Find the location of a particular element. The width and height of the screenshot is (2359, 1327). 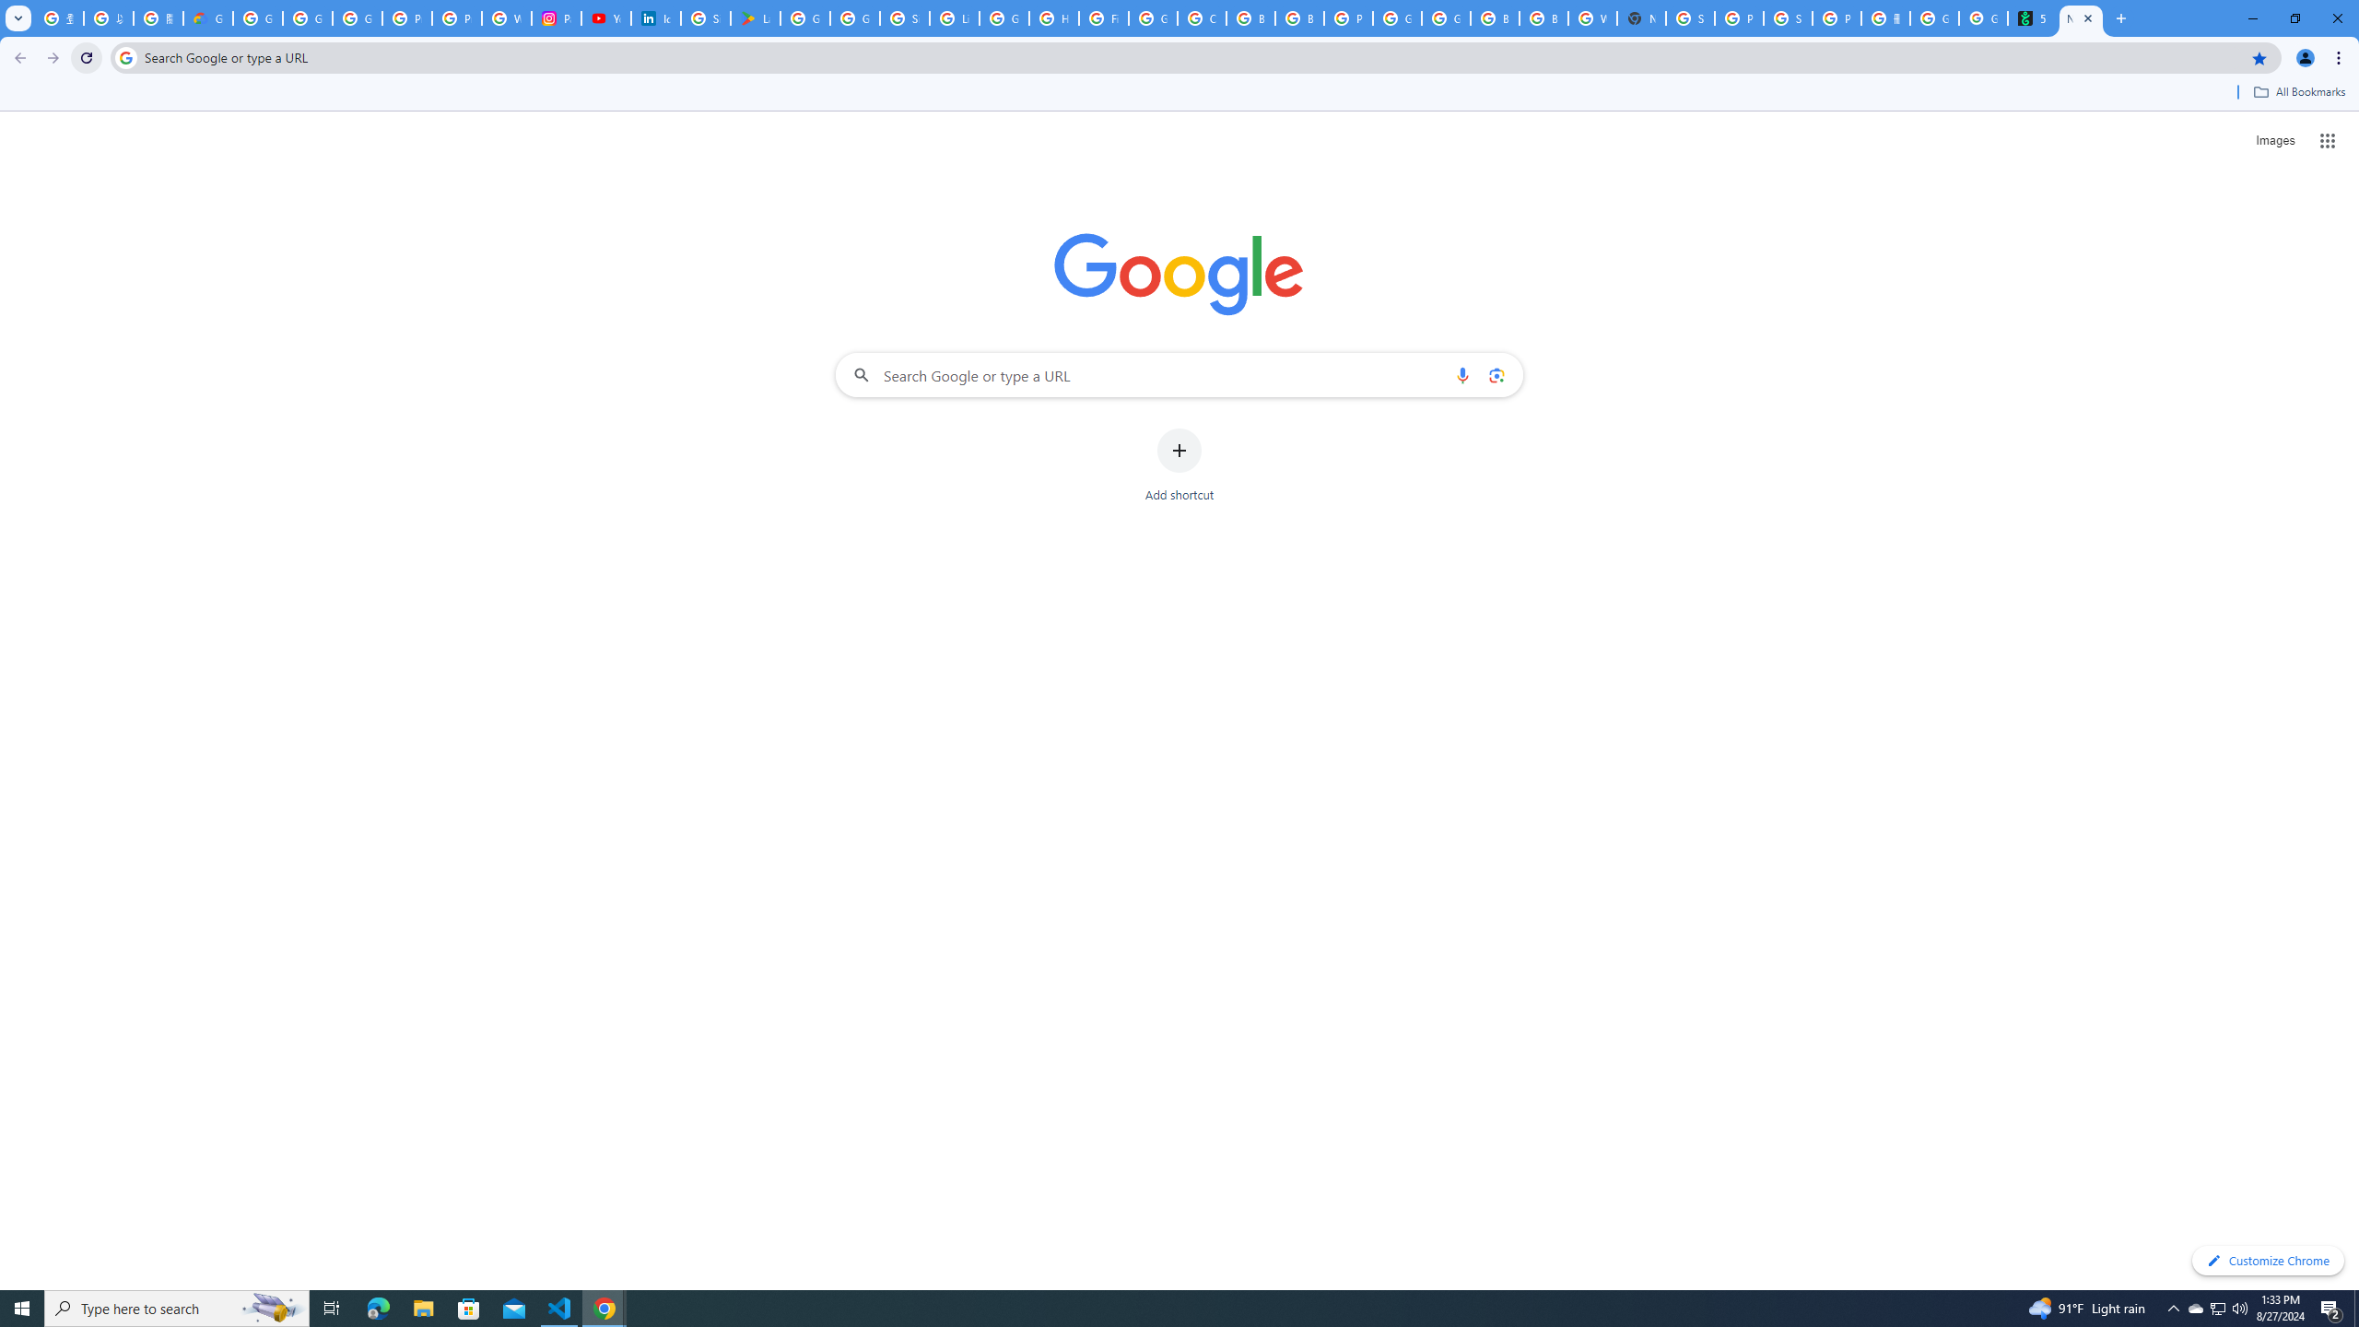

'All Bookmarks' is located at coordinates (2298, 91).